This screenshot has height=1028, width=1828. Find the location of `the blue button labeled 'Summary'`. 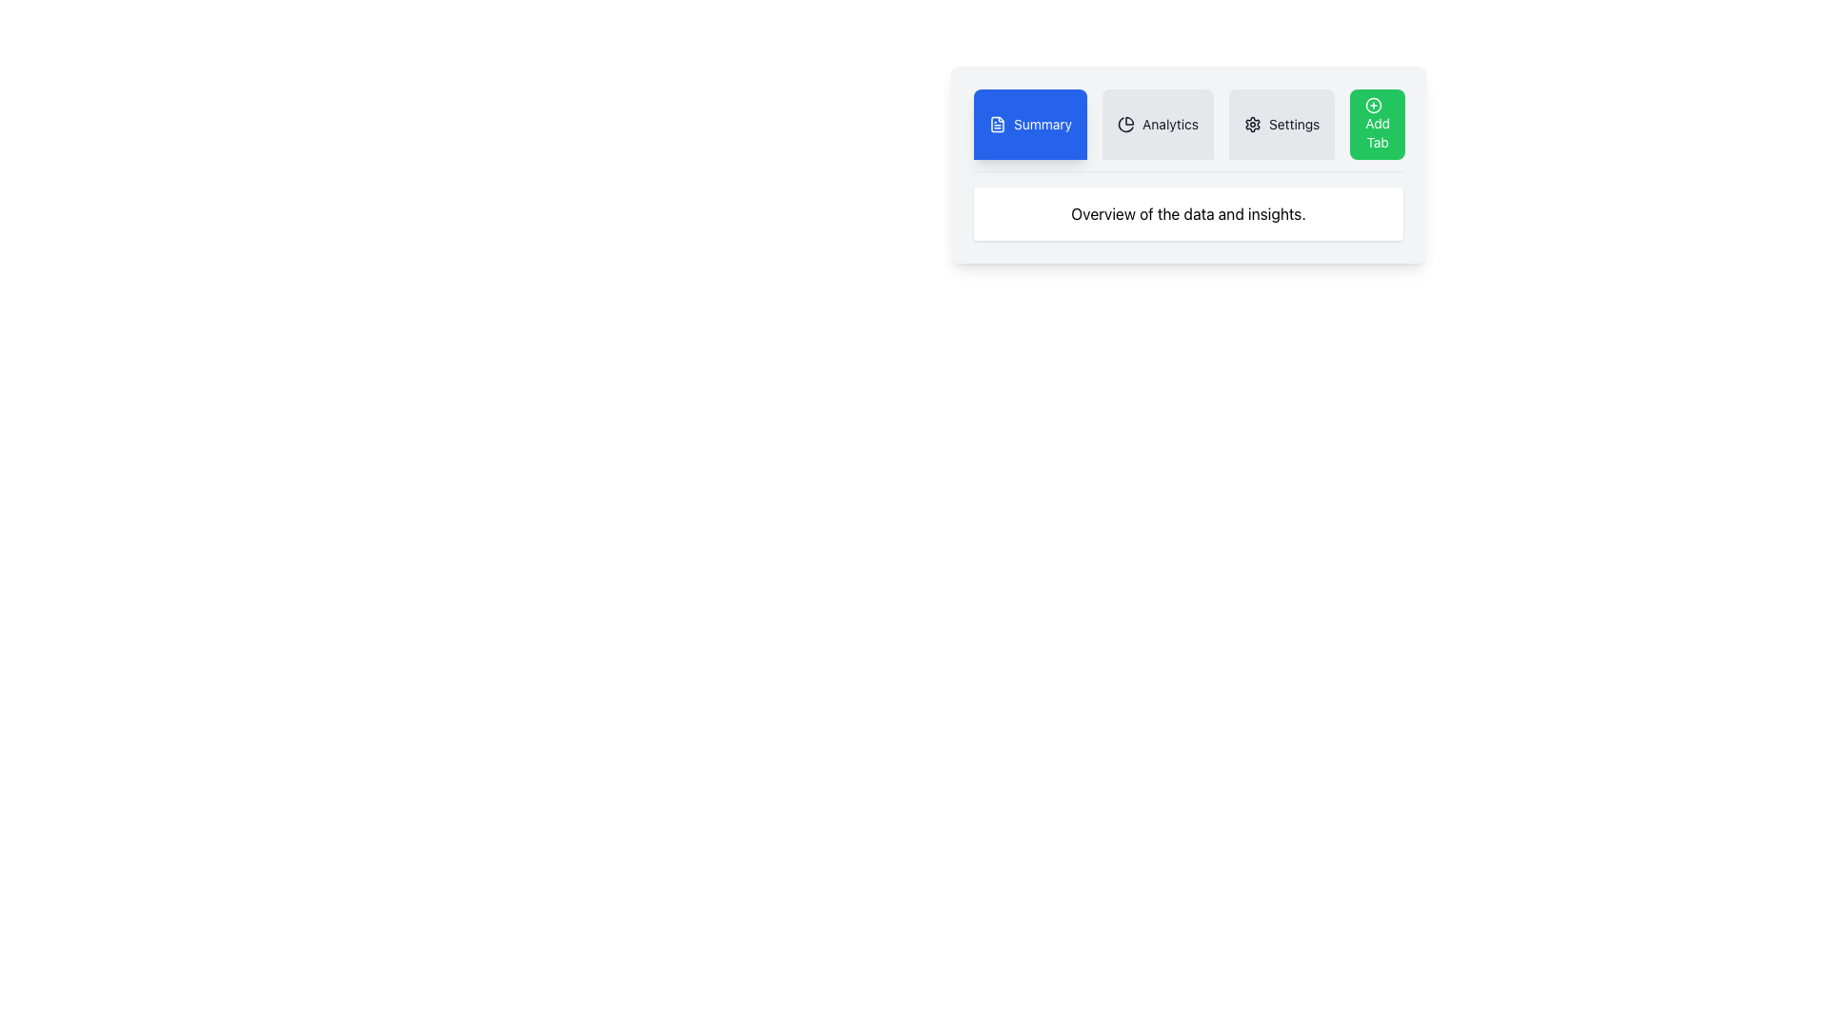

the blue button labeled 'Summary' is located at coordinates (1029, 125).